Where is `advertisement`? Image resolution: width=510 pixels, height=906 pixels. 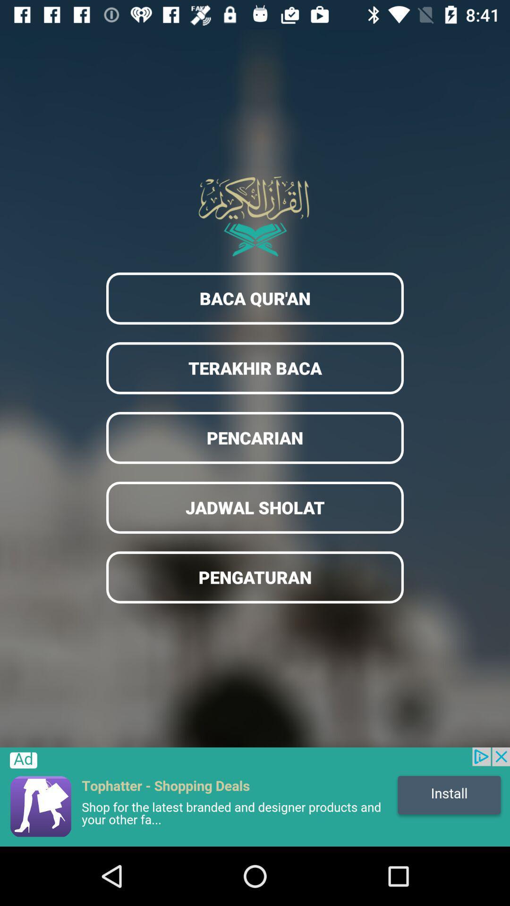
advertisement is located at coordinates (255, 797).